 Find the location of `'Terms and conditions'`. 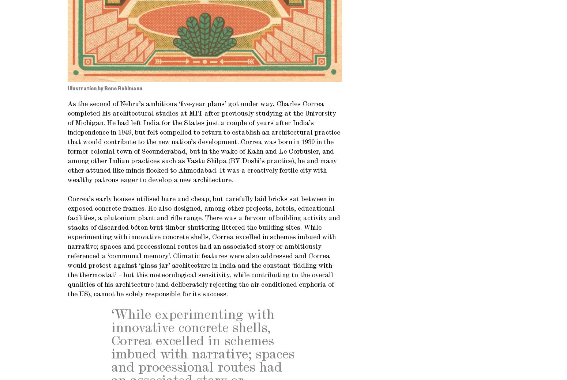

'Terms and conditions' is located at coordinates (357, 47).